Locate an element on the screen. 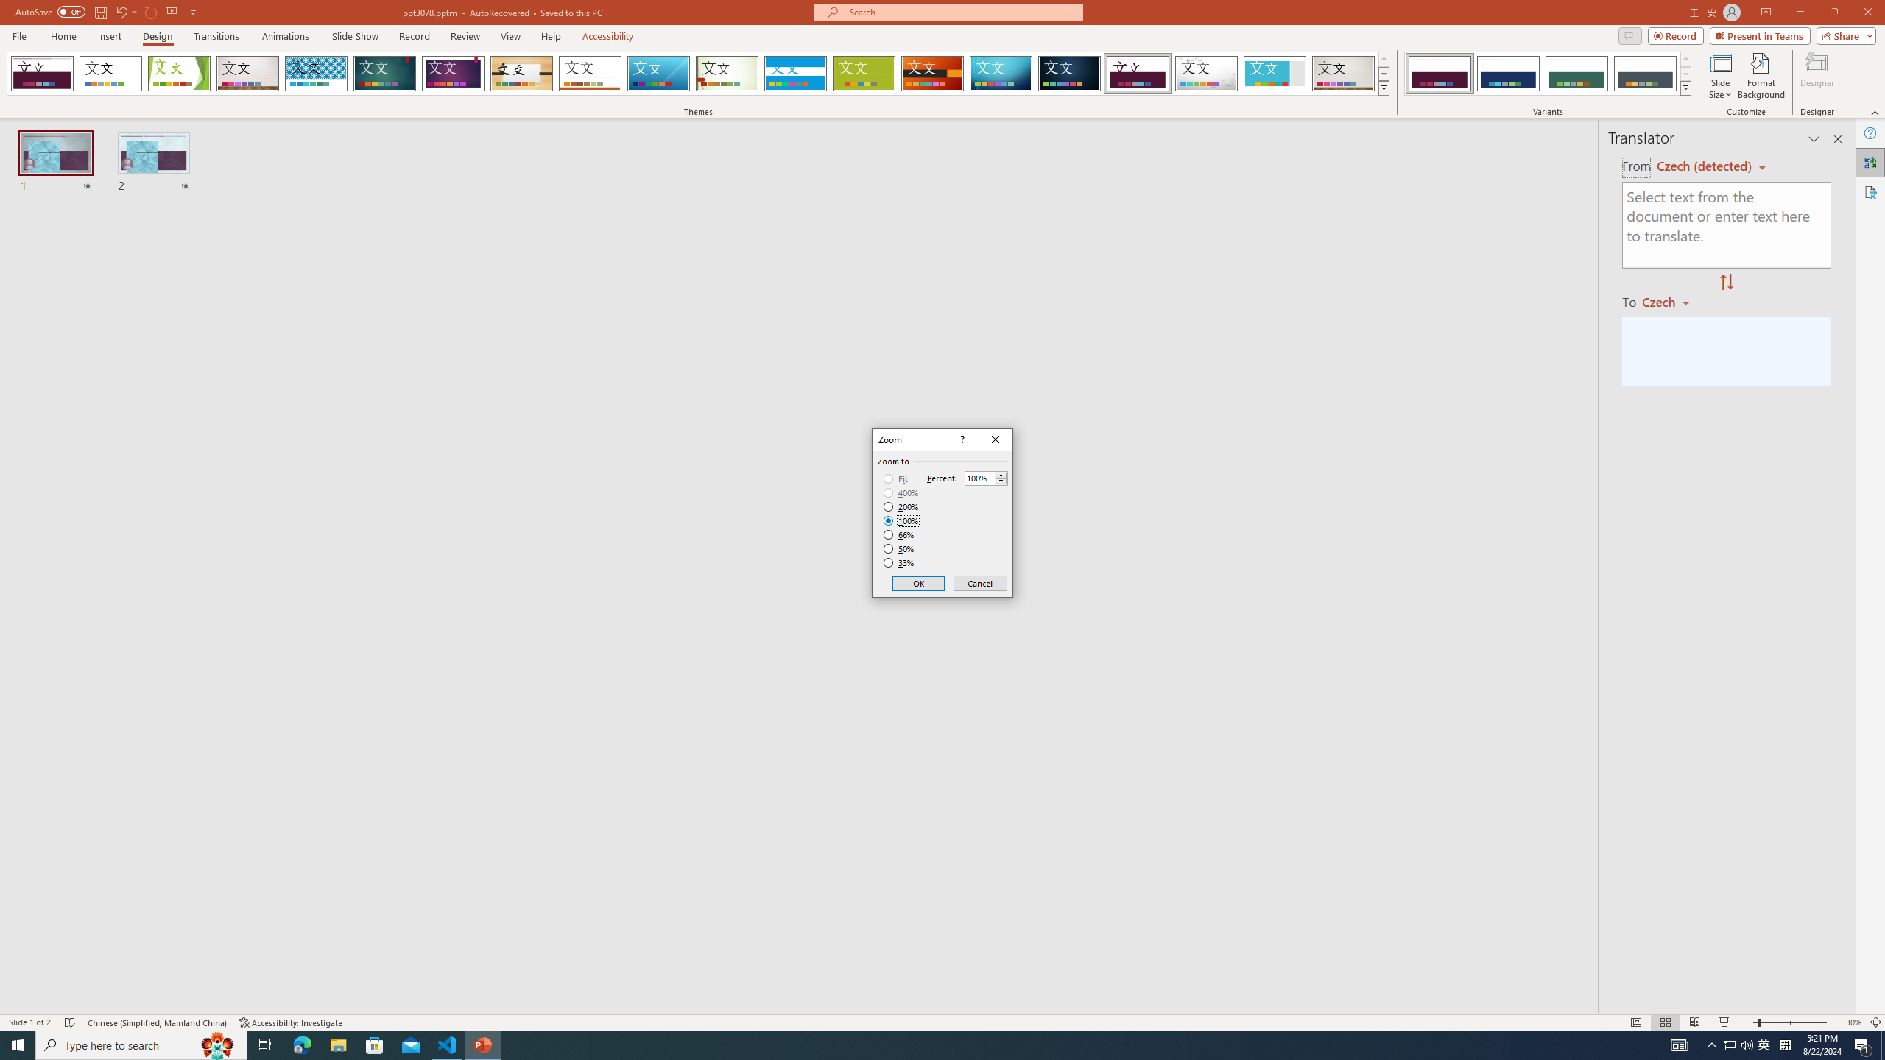 Image resolution: width=1885 pixels, height=1060 pixels. 'Comments' is located at coordinates (1629, 35).